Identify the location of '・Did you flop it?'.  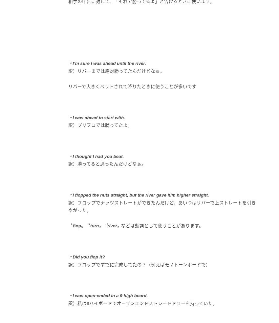
(86, 256).